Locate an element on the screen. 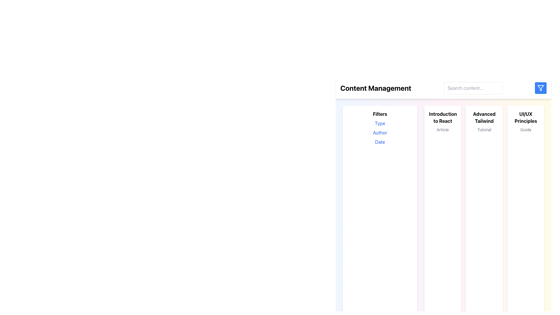 The height and width of the screenshot is (315, 560). the text label 'Type' styled in blue, which is the first selectable option in the 'Filters' section is located at coordinates (380, 123).